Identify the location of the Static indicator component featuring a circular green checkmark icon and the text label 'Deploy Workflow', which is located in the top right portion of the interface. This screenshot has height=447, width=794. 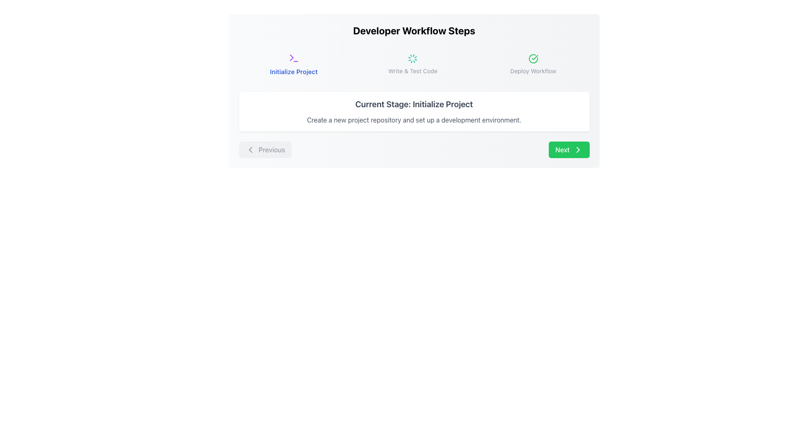
(533, 64).